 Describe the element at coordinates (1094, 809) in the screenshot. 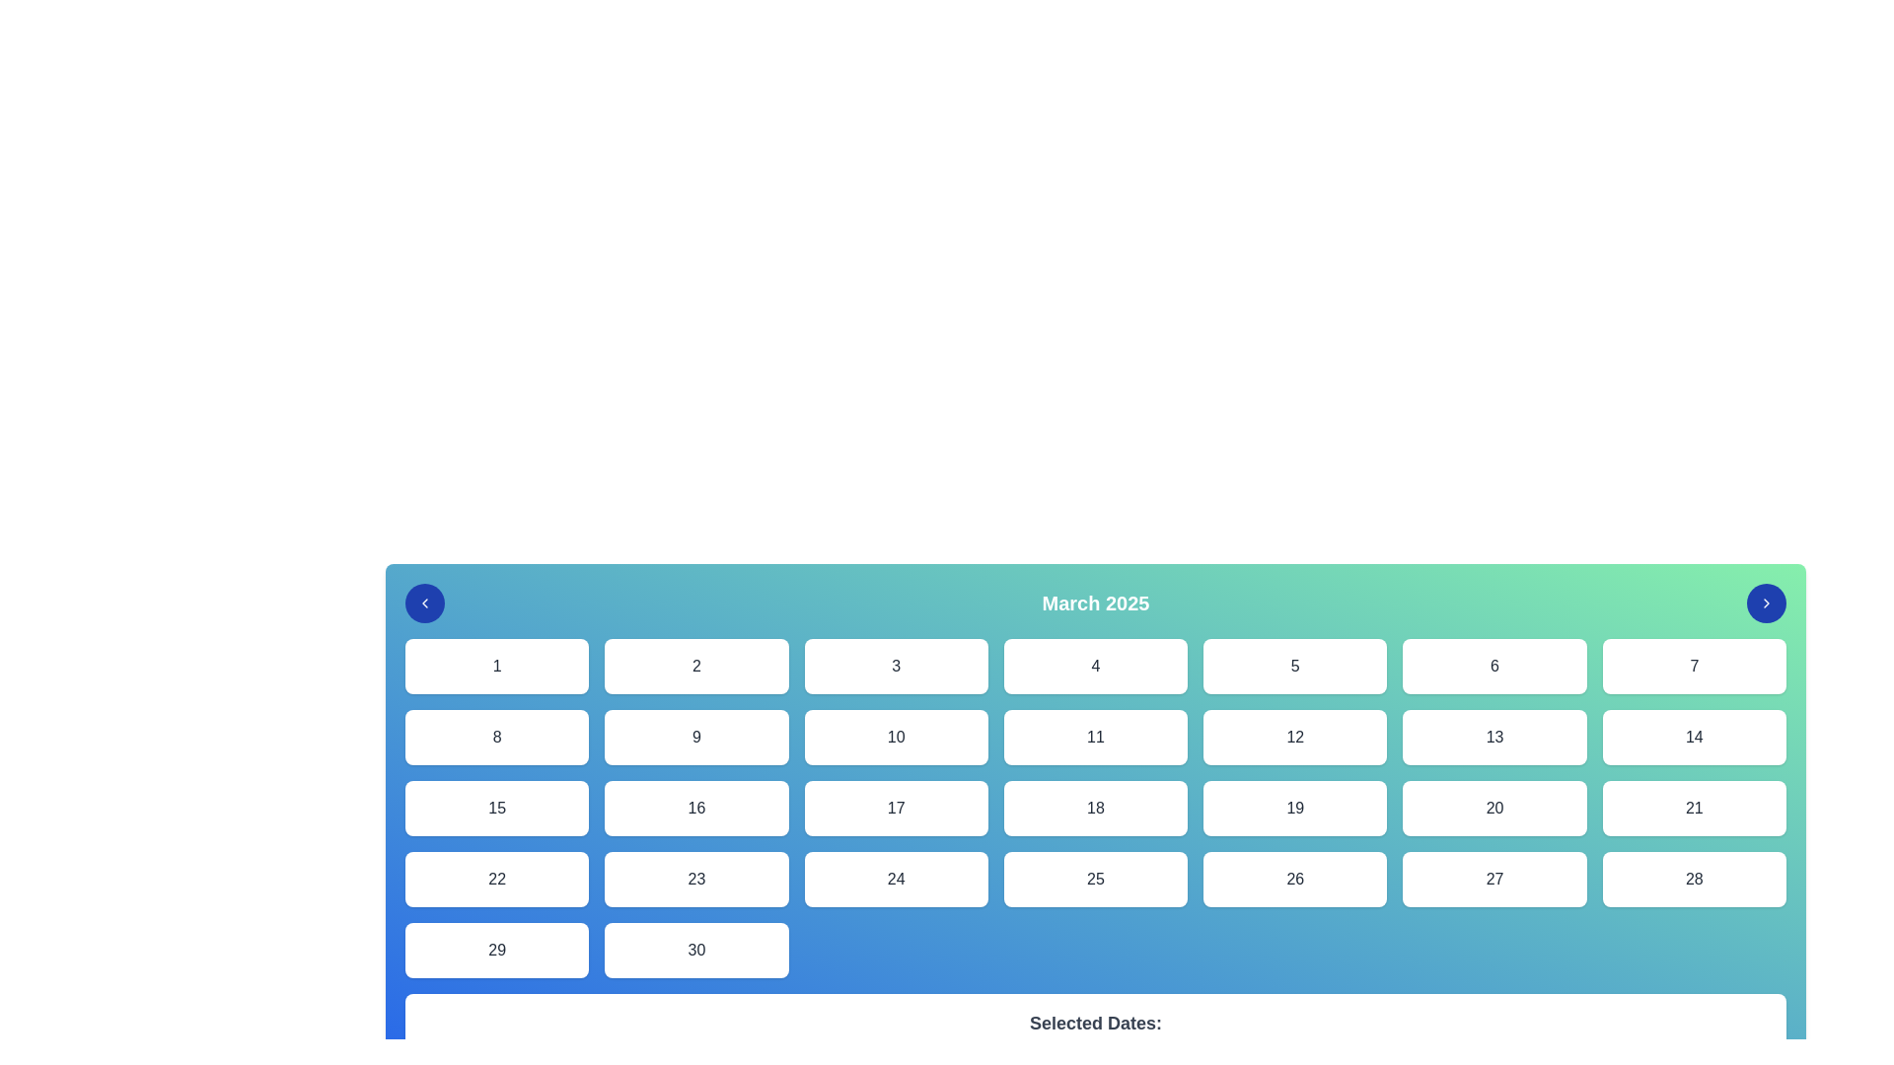

I see `the selectable calendar date box representing the 18th of the month` at that location.